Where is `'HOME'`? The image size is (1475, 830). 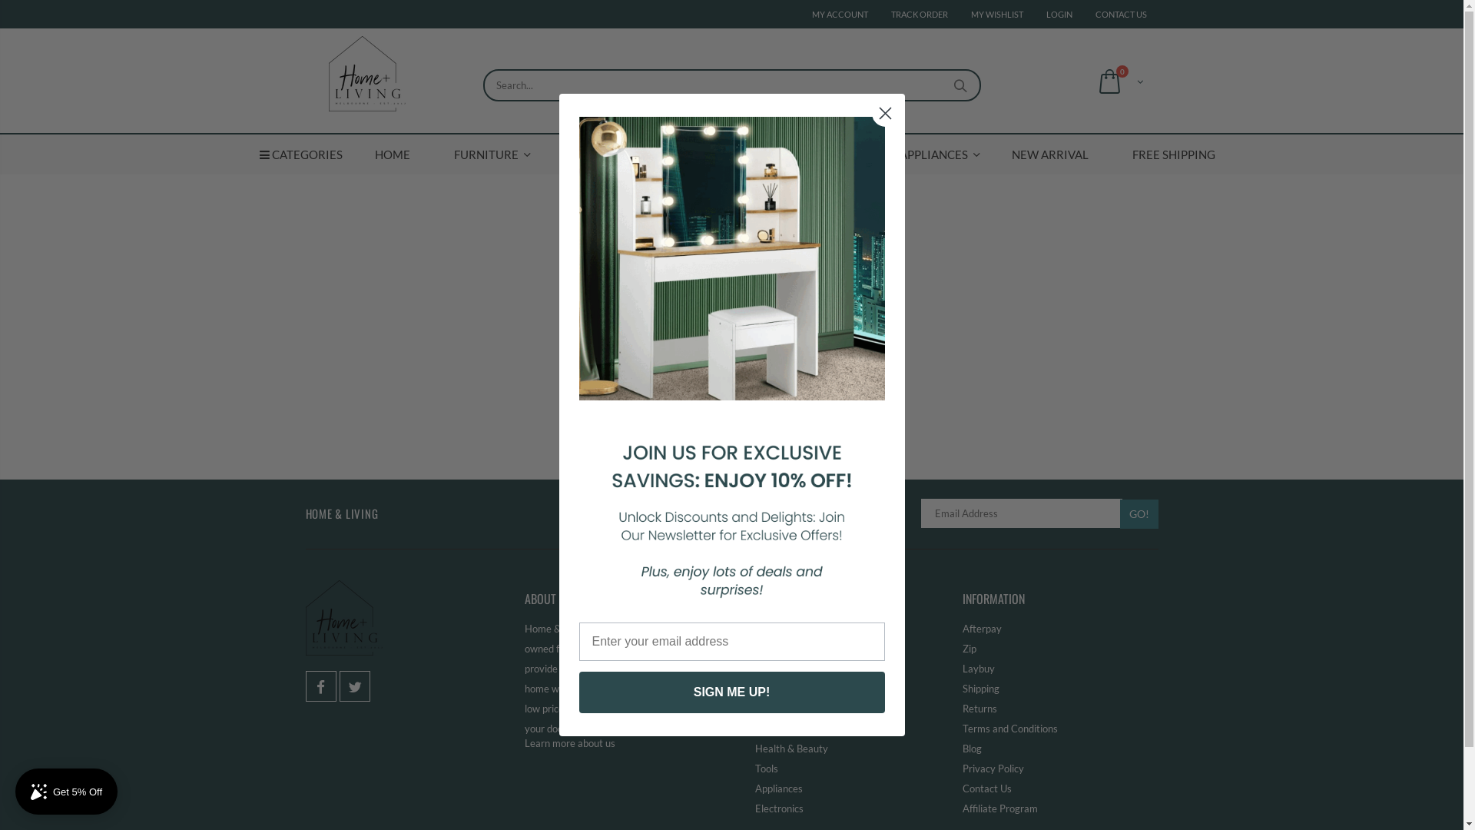
'HOME' is located at coordinates (392, 154).